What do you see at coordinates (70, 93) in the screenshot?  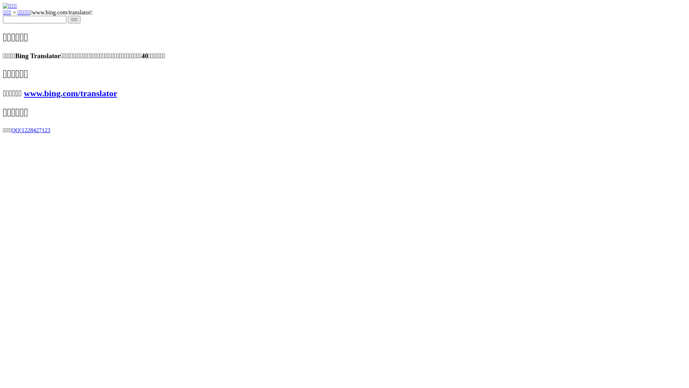 I see `'www.bing.com/translator'` at bounding box center [70, 93].